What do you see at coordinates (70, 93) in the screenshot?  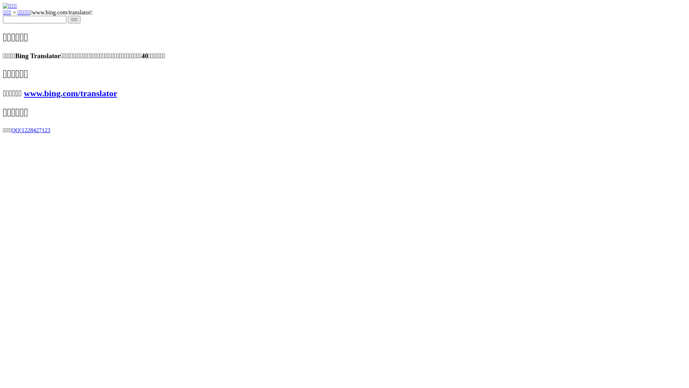 I see `'www.bing.com/translator'` at bounding box center [70, 93].